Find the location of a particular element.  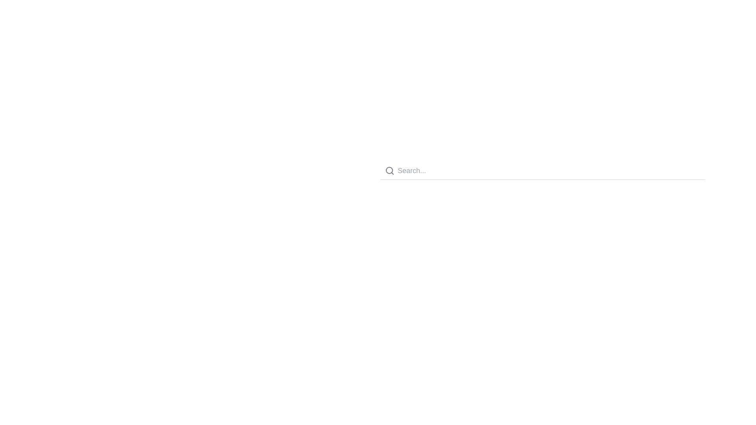

the small filled circle within the magnifying glass icon, which is positioned to the left of the 'Search...' text field is located at coordinates (389, 170).